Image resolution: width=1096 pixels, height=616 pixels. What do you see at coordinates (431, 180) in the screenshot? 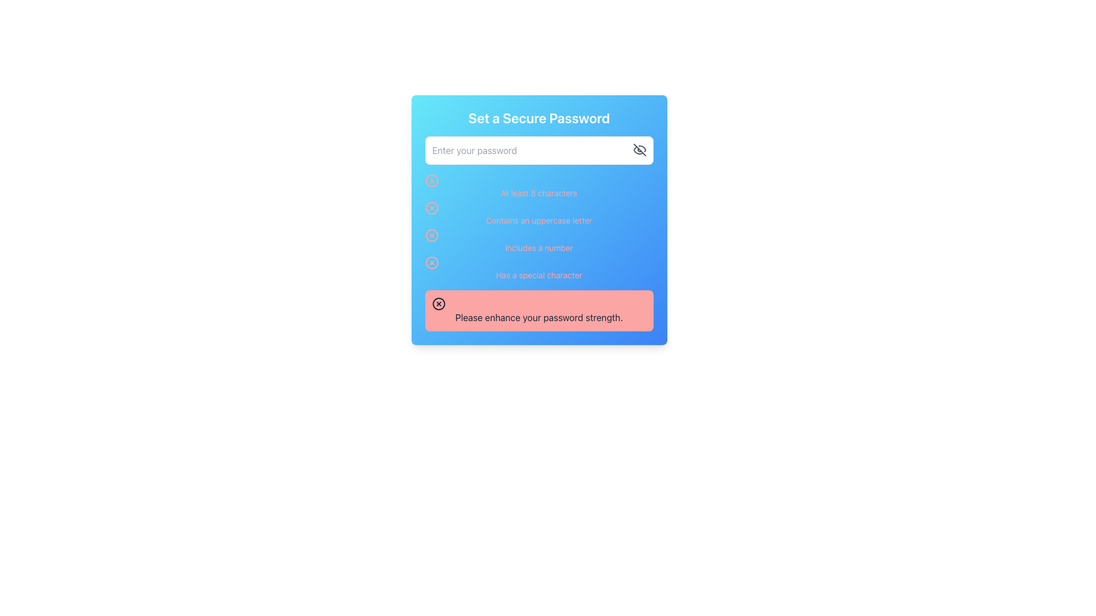
I see `the decorative circular SVG shape that is part of a cross-mark icon located to the left of the first text line in a vertical list` at bounding box center [431, 180].